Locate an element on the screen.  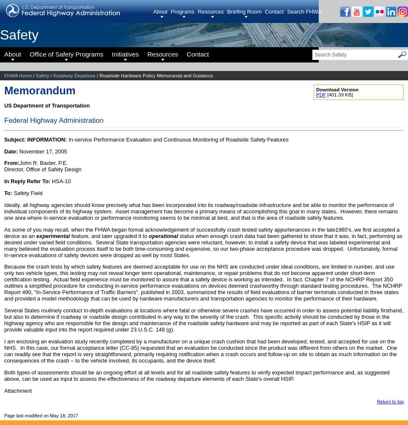
'Date:' is located at coordinates (11, 150).